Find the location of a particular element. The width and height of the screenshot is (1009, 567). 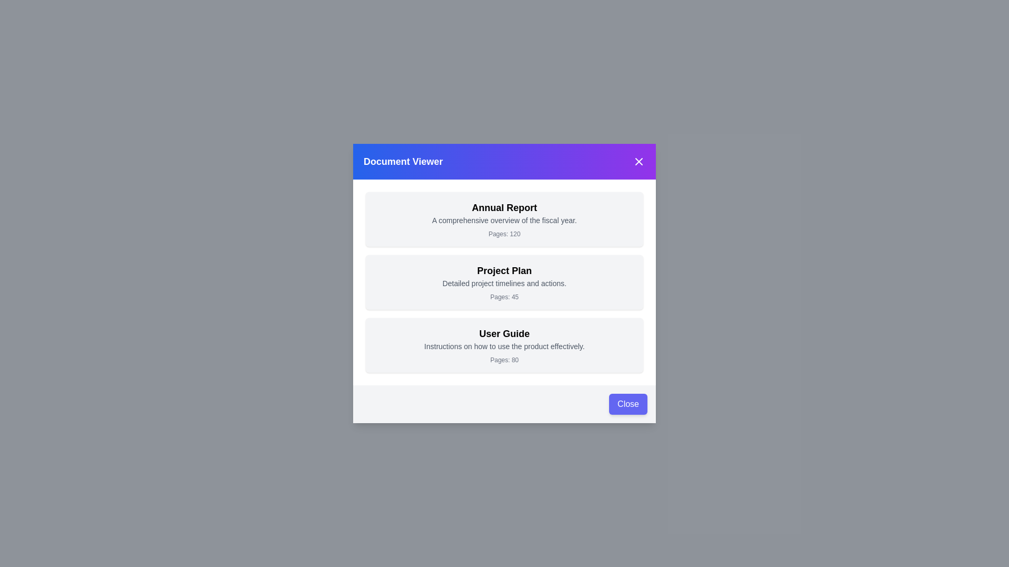

the document item titled 'Project Plan' to observe the hover effect is located at coordinates (504, 281).